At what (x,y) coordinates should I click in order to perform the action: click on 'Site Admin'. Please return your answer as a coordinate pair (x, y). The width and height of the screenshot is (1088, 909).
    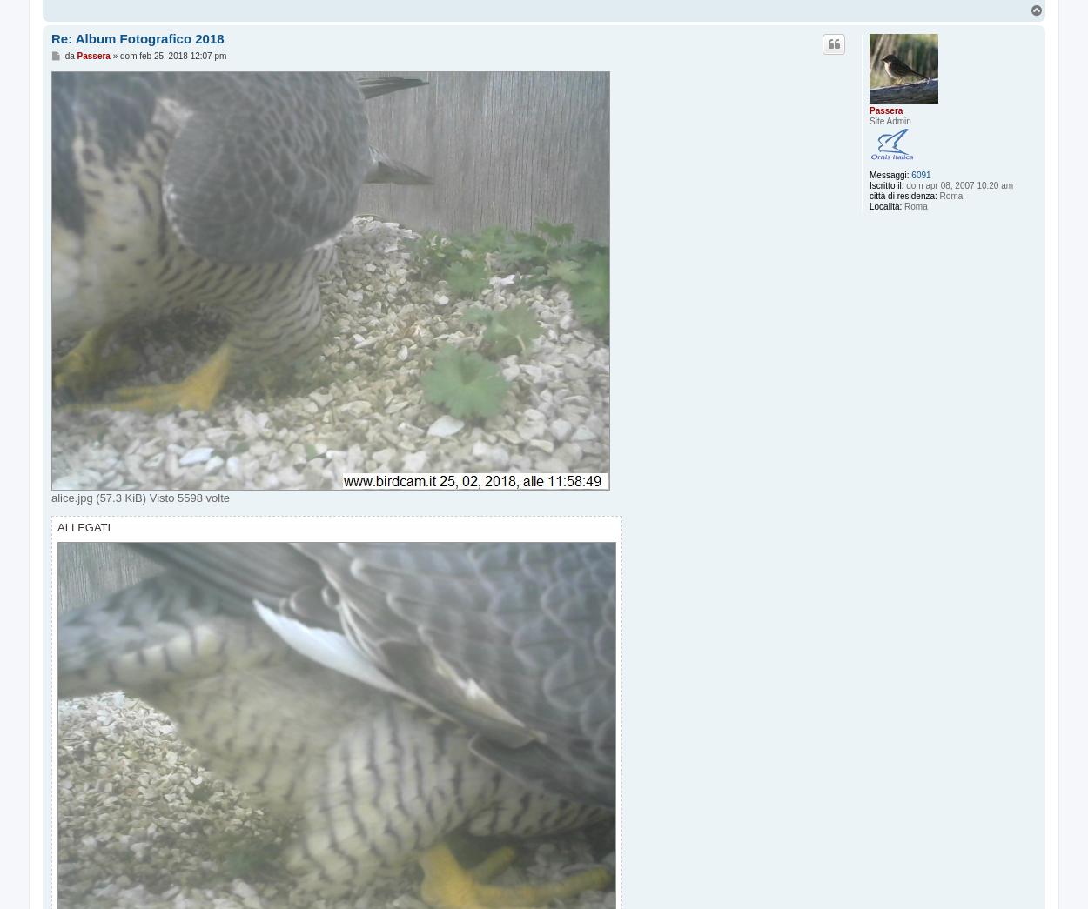
    Looking at the image, I should click on (890, 120).